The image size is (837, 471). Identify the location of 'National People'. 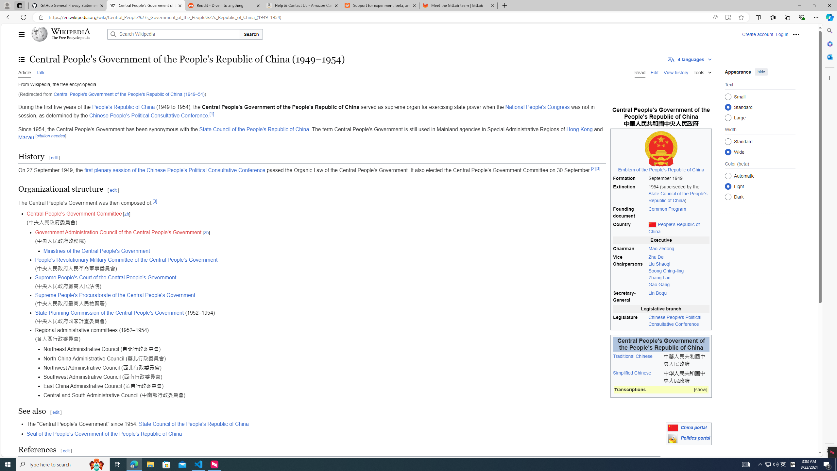
(537, 107).